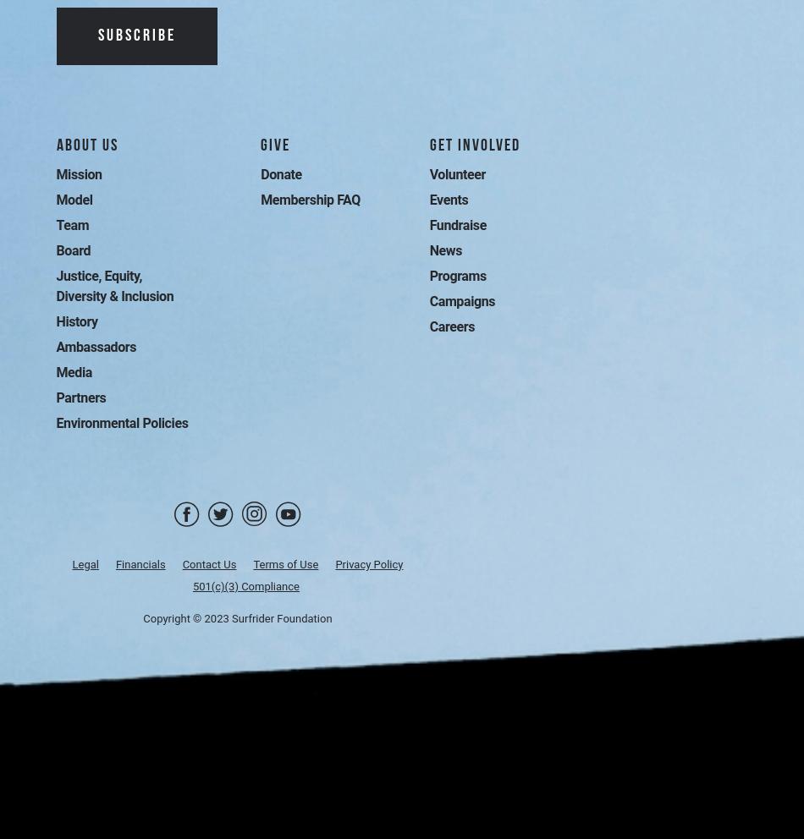  What do you see at coordinates (367, 563) in the screenshot?
I see `'Privacy Policy'` at bounding box center [367, 563].